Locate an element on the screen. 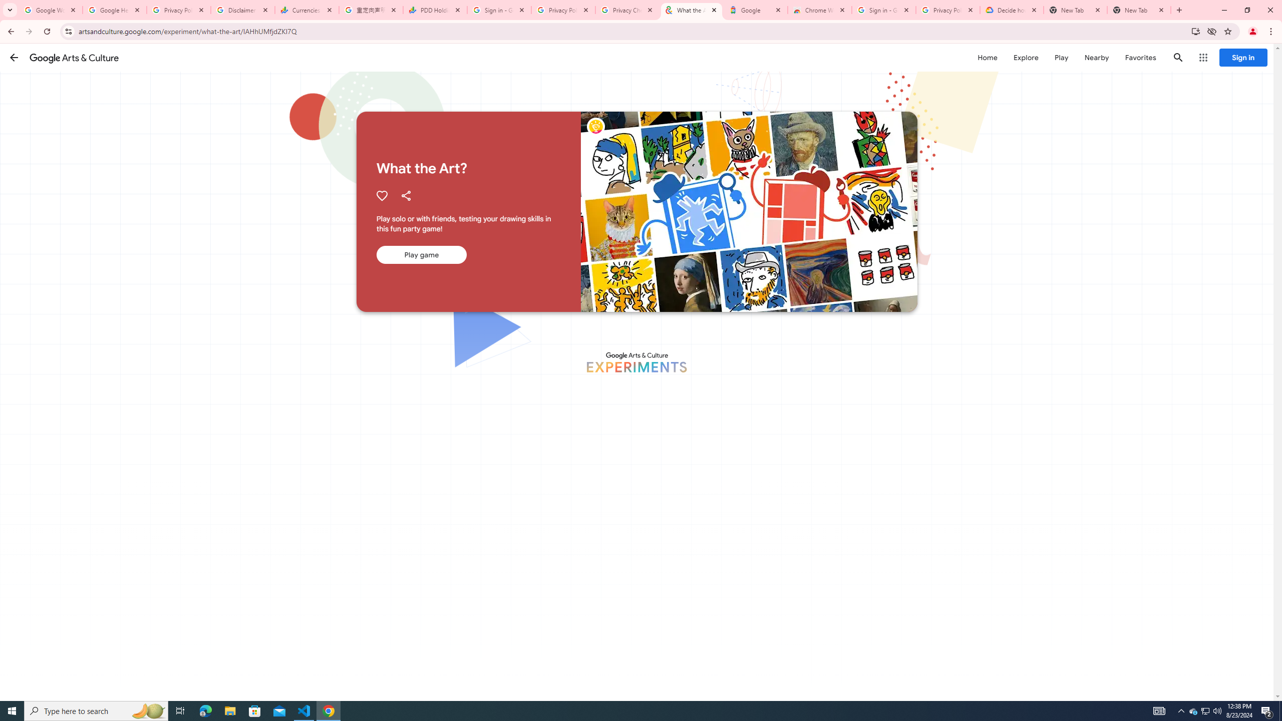 The image size is (1282, 721). 'Play game' is located at coordinates (420, 255).